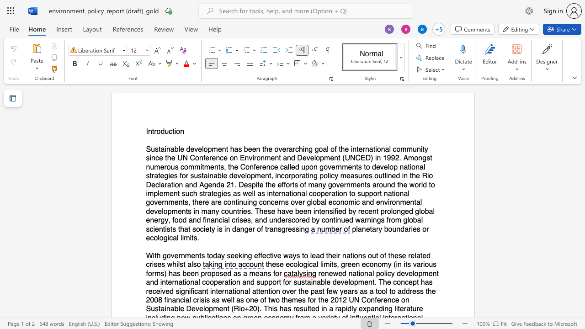  Describe the element at coordinates (154, 132) in the screenshot. I see `the space between the continuous character "t" and "r" in the text` at that location.